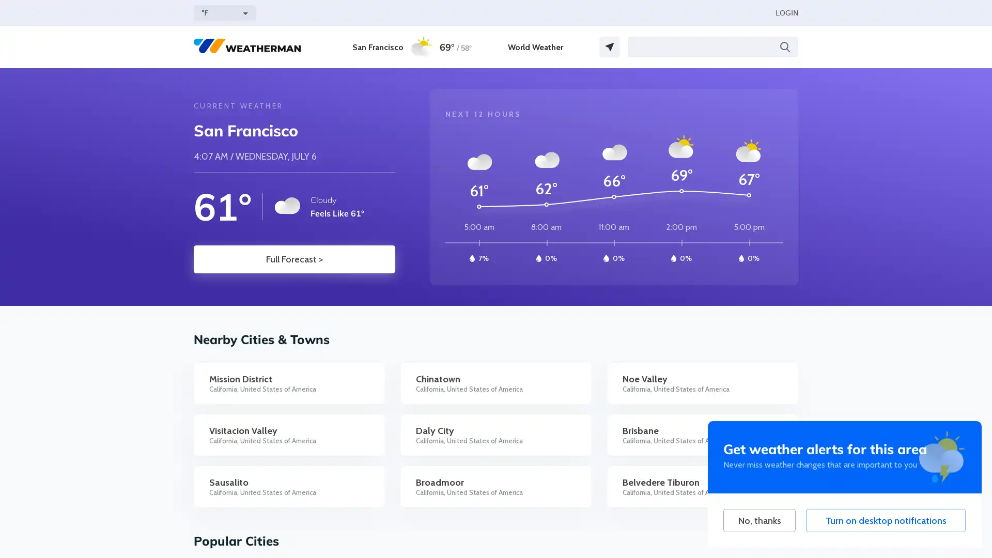  What do you see at coordinates (786, 12) in the screenshot?
I see `LOGIN` at bounding box center [786, 12].